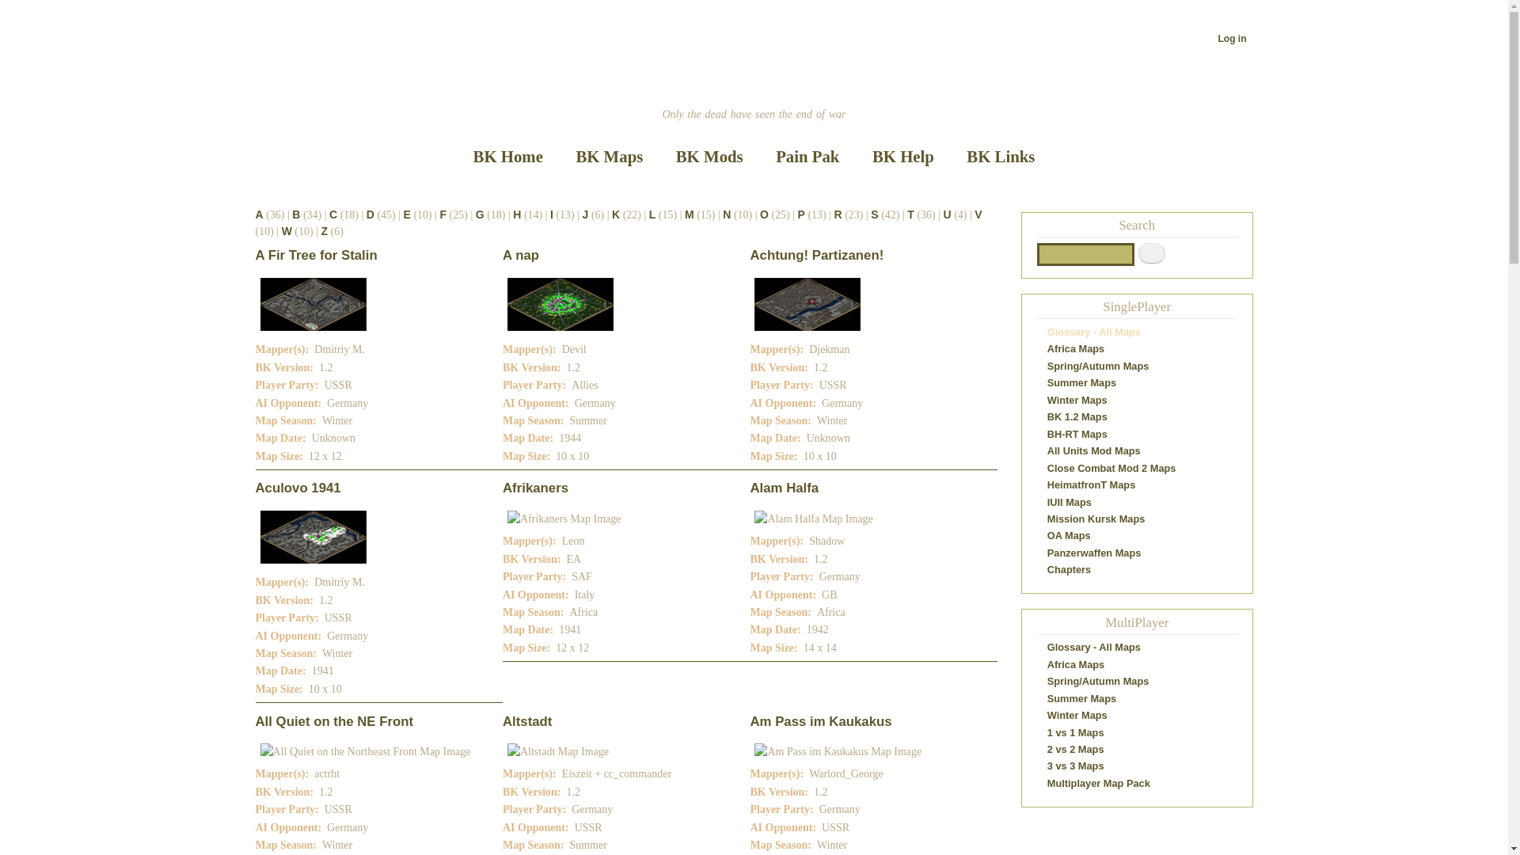  Describe the element at coordinates (652, 214) in the screenshot. I see `'L'` at that location.